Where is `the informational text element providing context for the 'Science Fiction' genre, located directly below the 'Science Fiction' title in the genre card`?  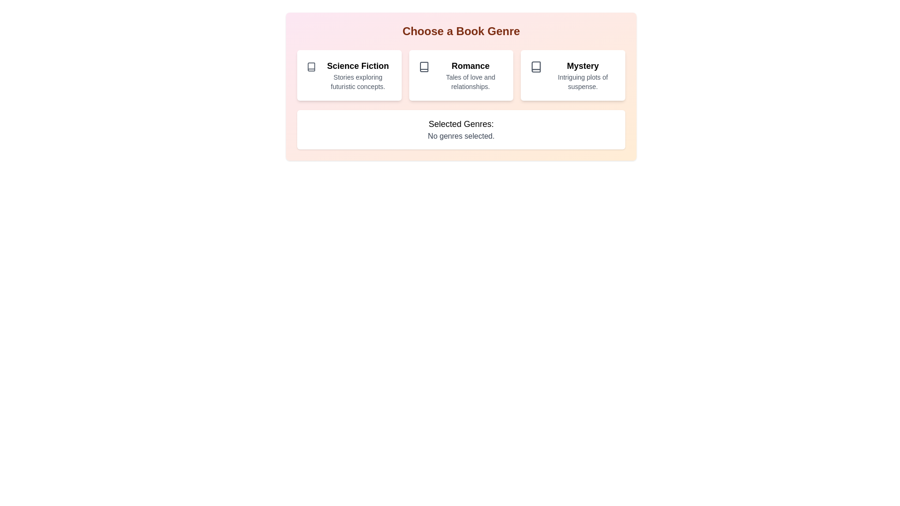 the informational text element providing context for the 'Science Fiction' genre, located directly below the 'Science Fiction' title in the genre card is located at coordinates (357, 81).